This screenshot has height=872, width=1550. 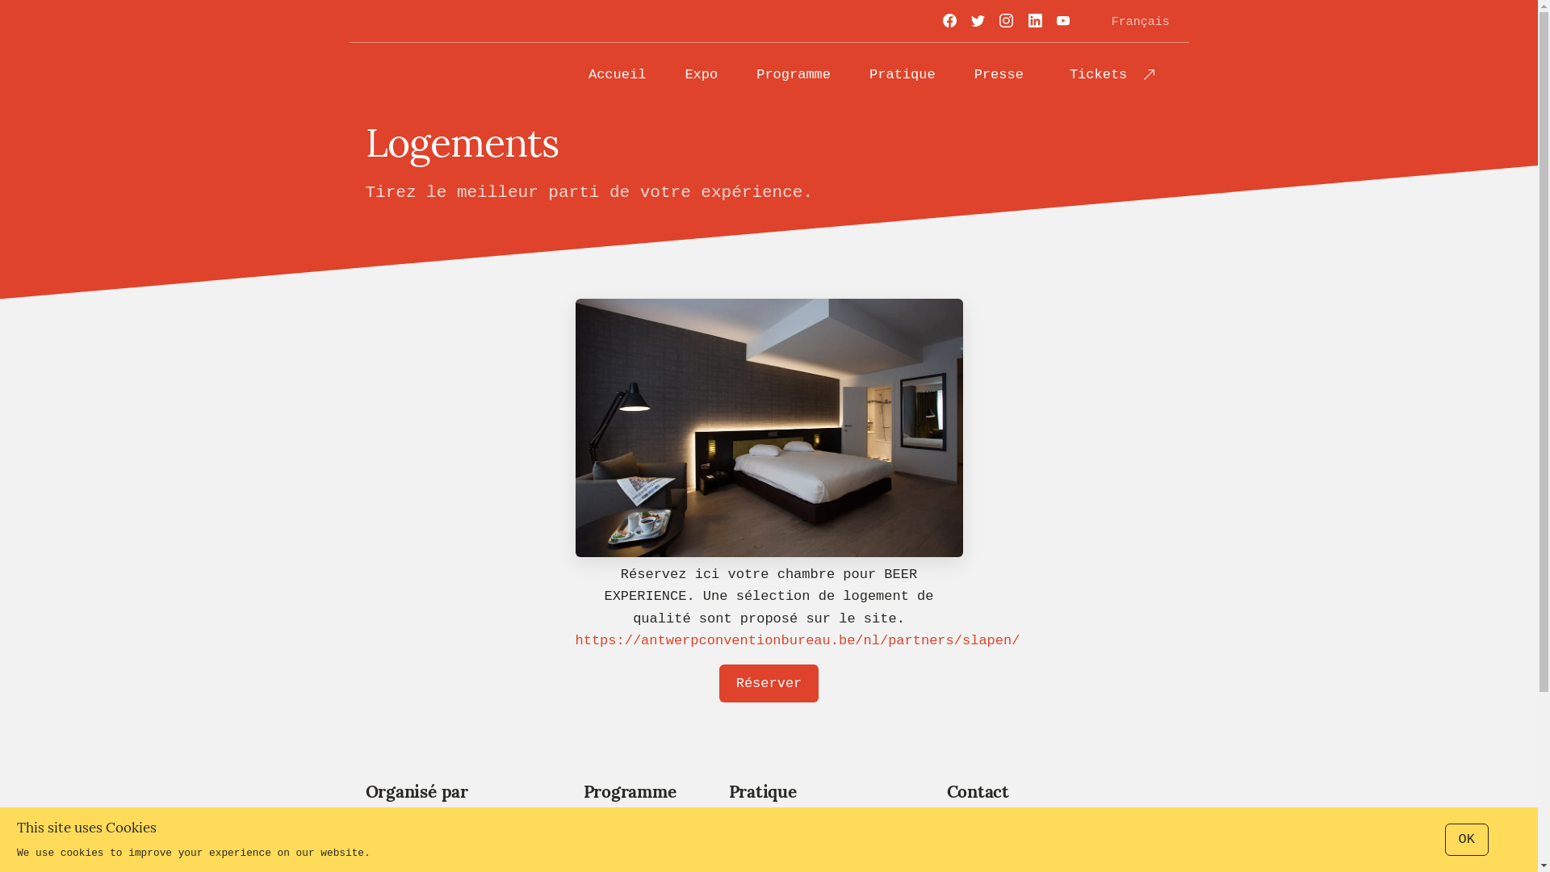 I want to click on 'Tickets', so click(x=1112, y=74).